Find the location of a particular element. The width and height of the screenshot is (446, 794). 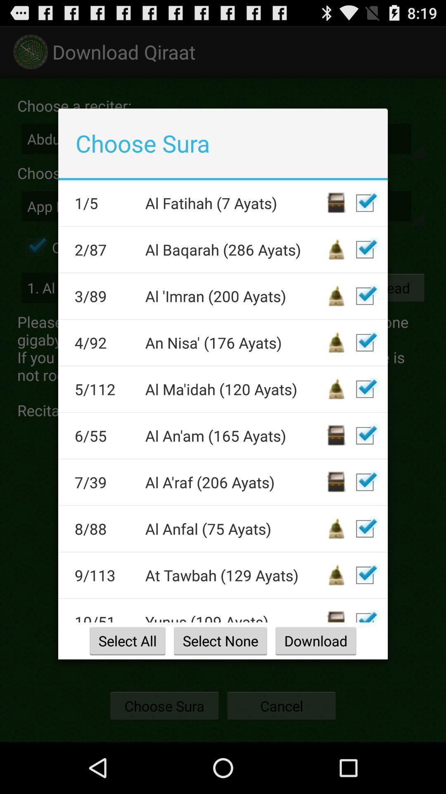

check box for selection sura is located at coordinates (364, 575).